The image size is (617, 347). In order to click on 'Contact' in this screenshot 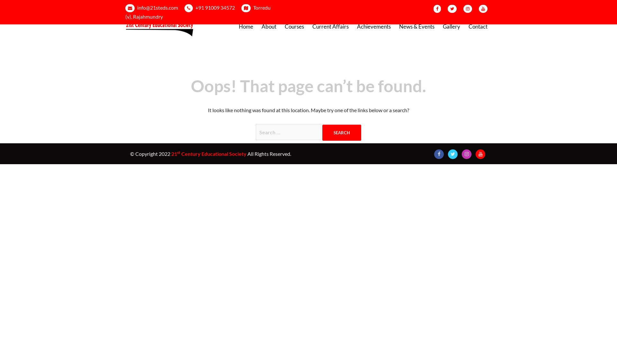, I will do `click(478, 26)`.